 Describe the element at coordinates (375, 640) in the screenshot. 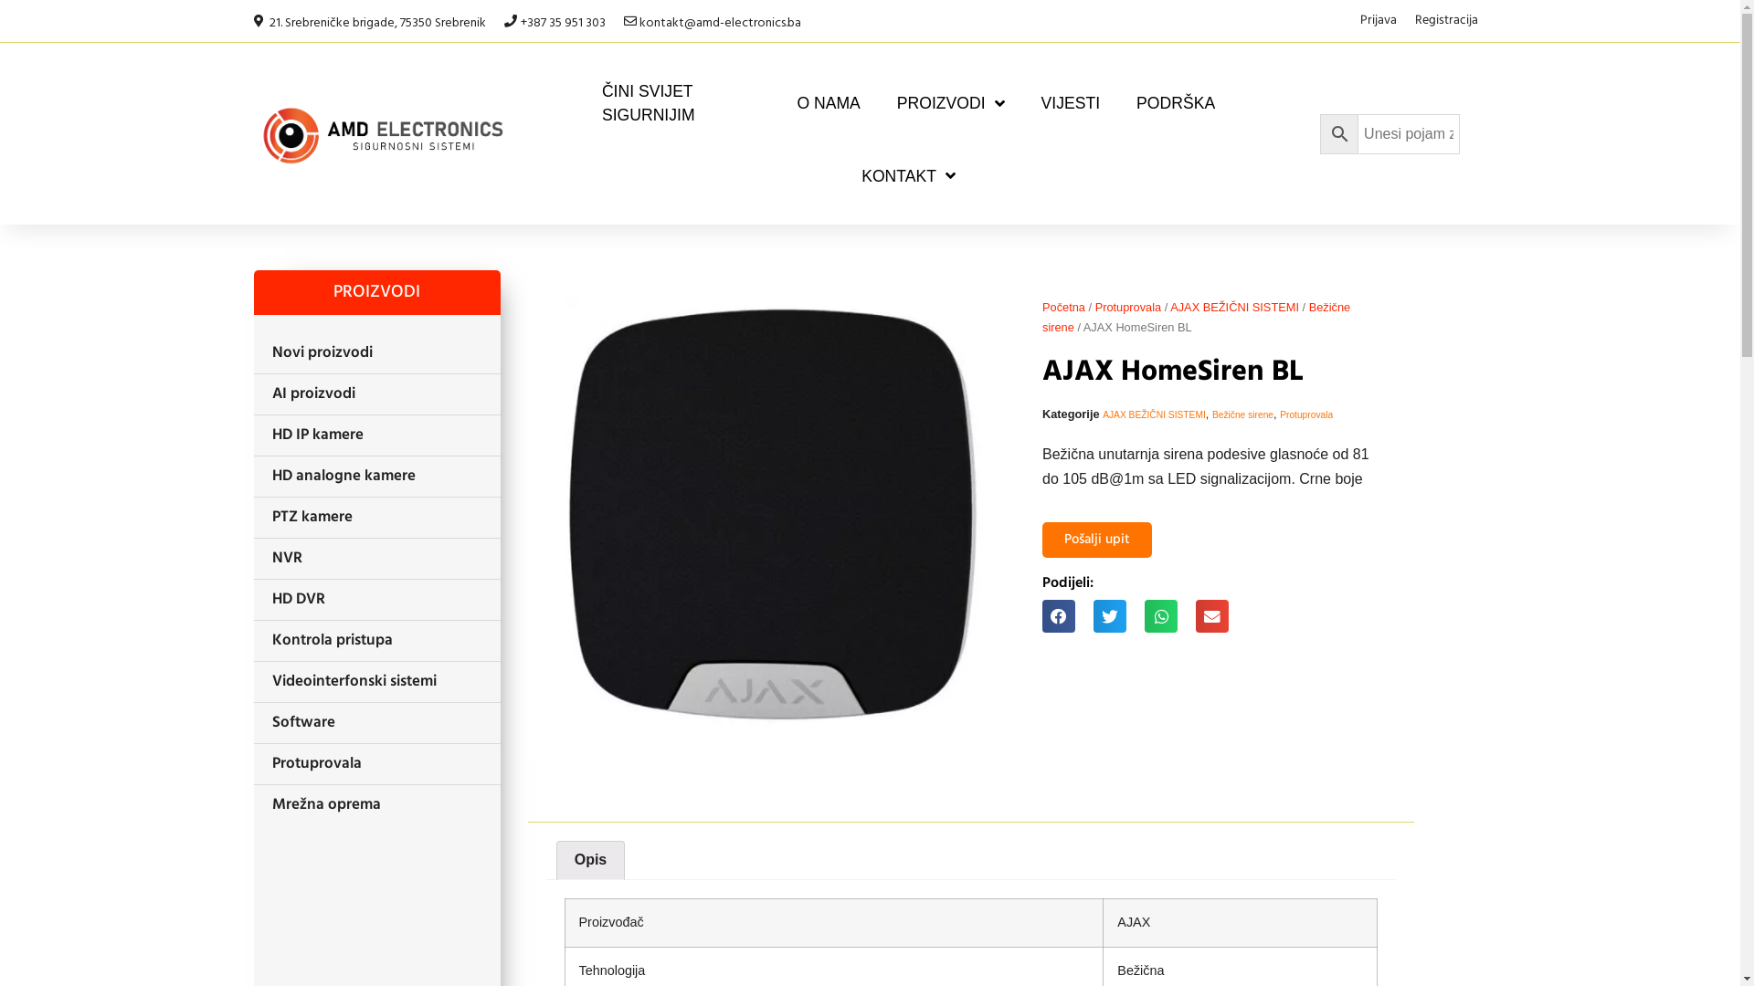

I see `'Kontrola pristupa'` at that location.